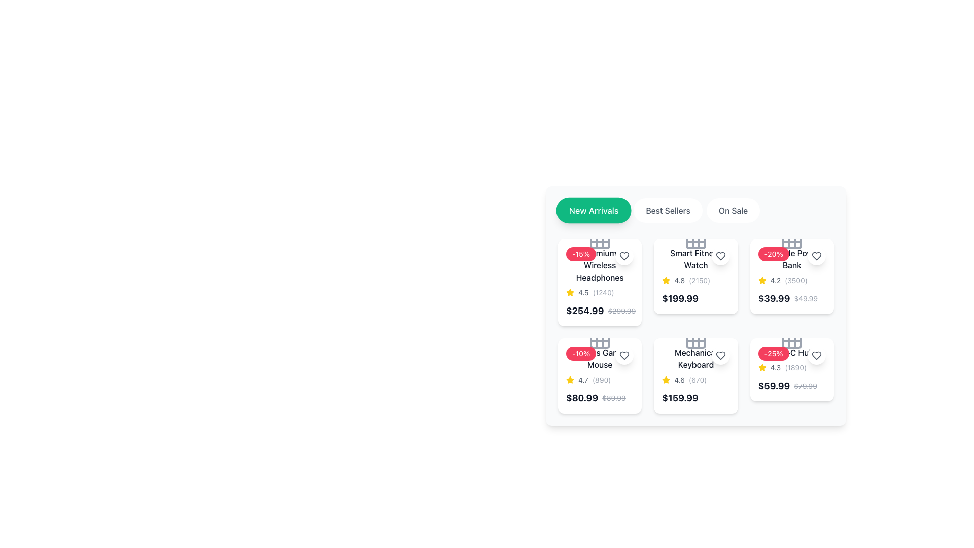 This screenshot has width=974, height=548. What do you see at coordinates (695, 258) in the screenshot?
I see `the associated product using the text label 'Smart Fitness Watch' located at the top of the second product card` at bounding box center [695, 258].